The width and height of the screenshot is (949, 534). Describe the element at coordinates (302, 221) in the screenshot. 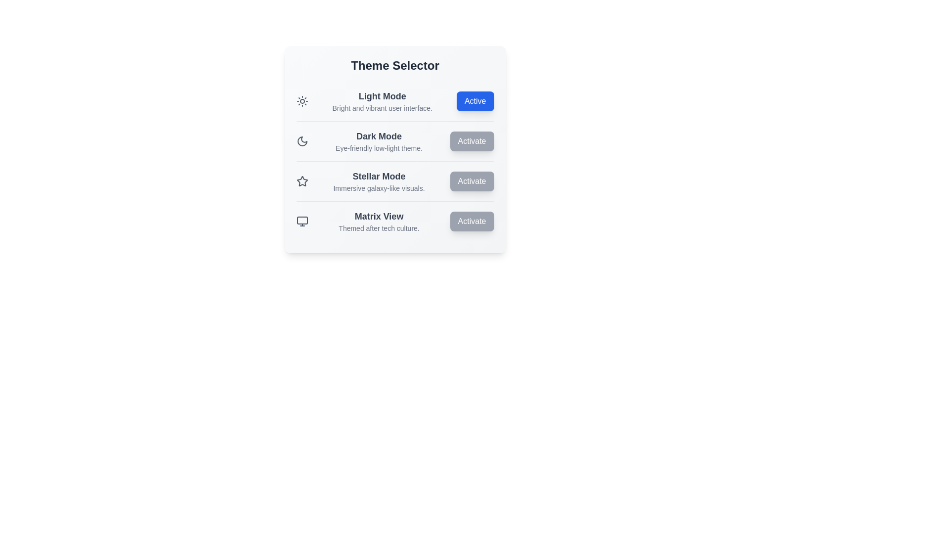

I see `the icon for the selected theme Matrix View` at that location.